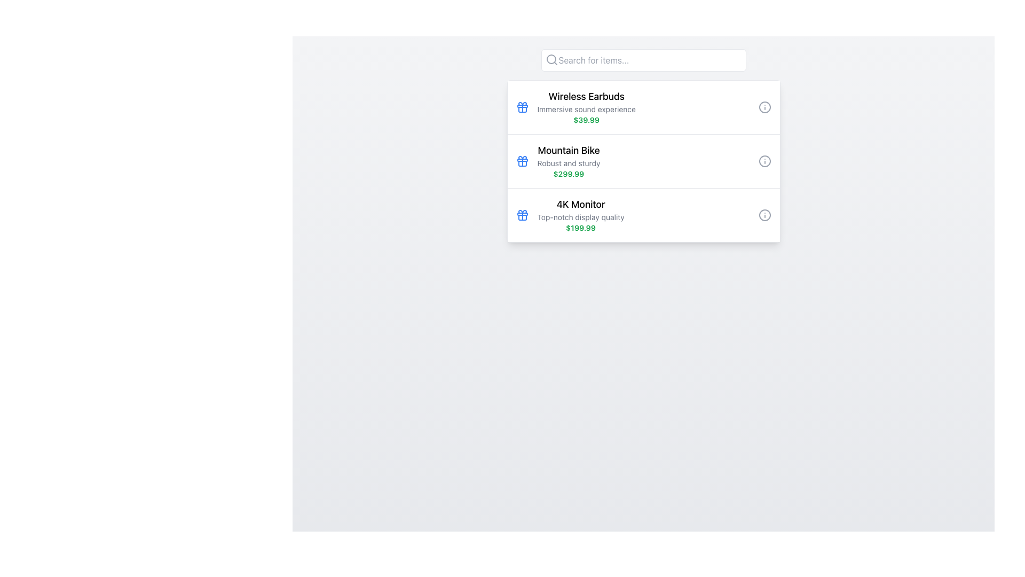 The image size is (1025, 577). I want to click on the bottom portion of the gift icon located on the left side of the '4K Monitor' entry in the list, so click(522, 217).